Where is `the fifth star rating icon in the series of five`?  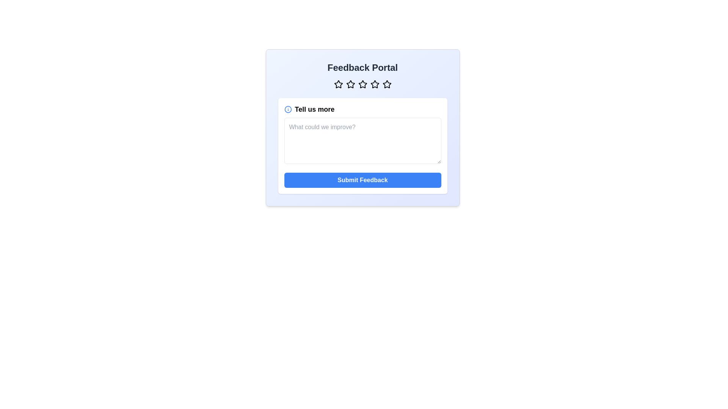
the fifth star rating icon in the series of five is located at coordinates (387, 84).